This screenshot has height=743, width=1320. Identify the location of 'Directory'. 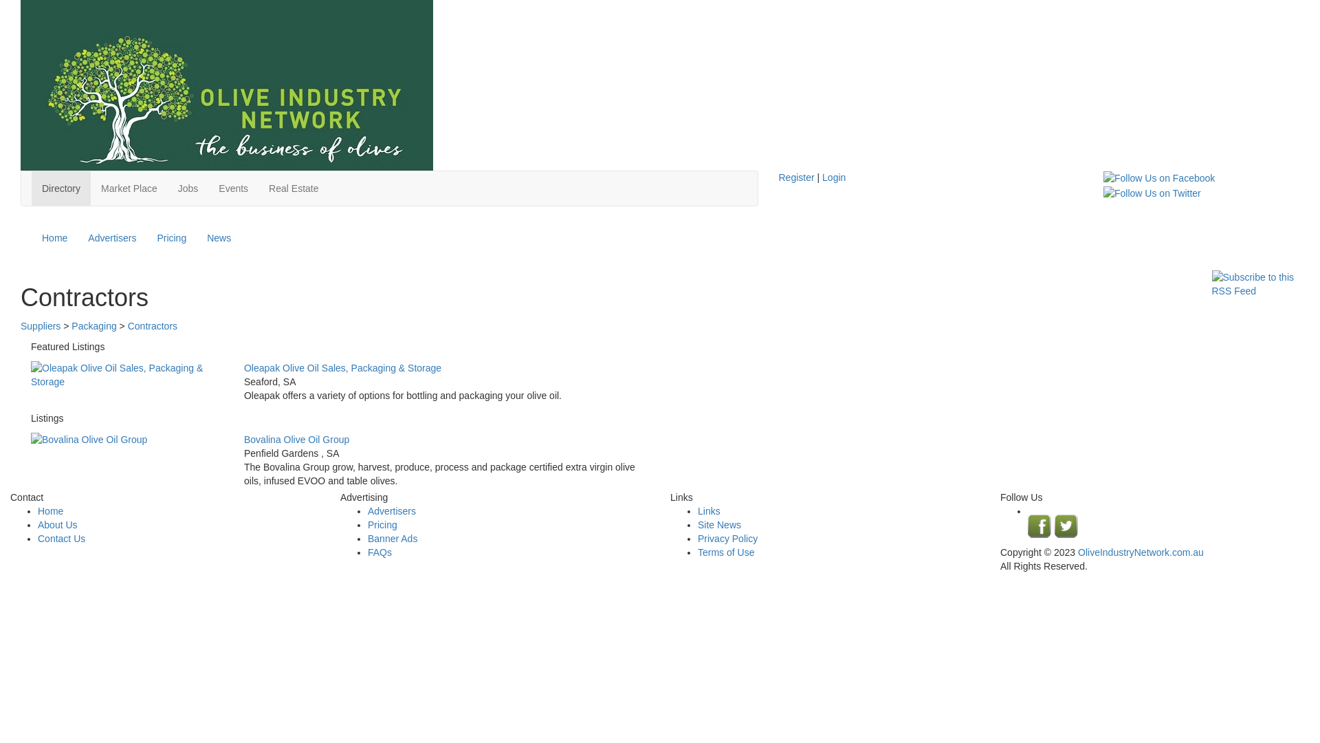
(60, 188).